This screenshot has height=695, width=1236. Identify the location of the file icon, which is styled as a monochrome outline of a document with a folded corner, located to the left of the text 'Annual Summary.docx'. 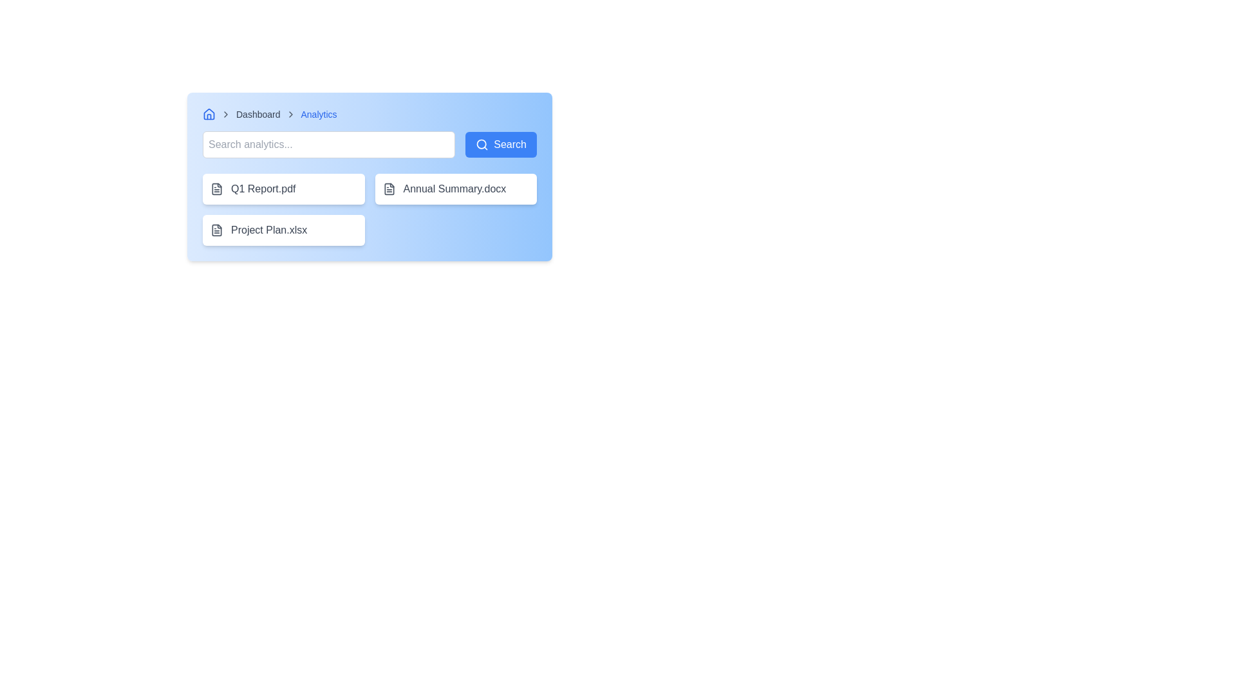
(388, 189).